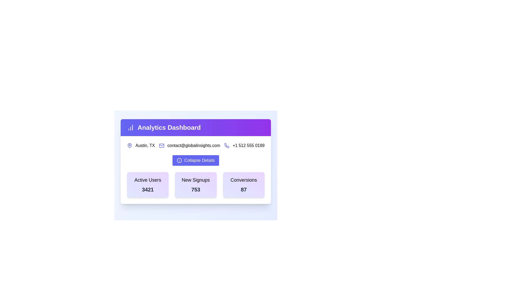  I want to click on the Data display card that shows the number of new user signups, currently displaying 753, located beneath the 'Collapse Details' button in the 'Analytics Dashboard' section, so click(195, 185).